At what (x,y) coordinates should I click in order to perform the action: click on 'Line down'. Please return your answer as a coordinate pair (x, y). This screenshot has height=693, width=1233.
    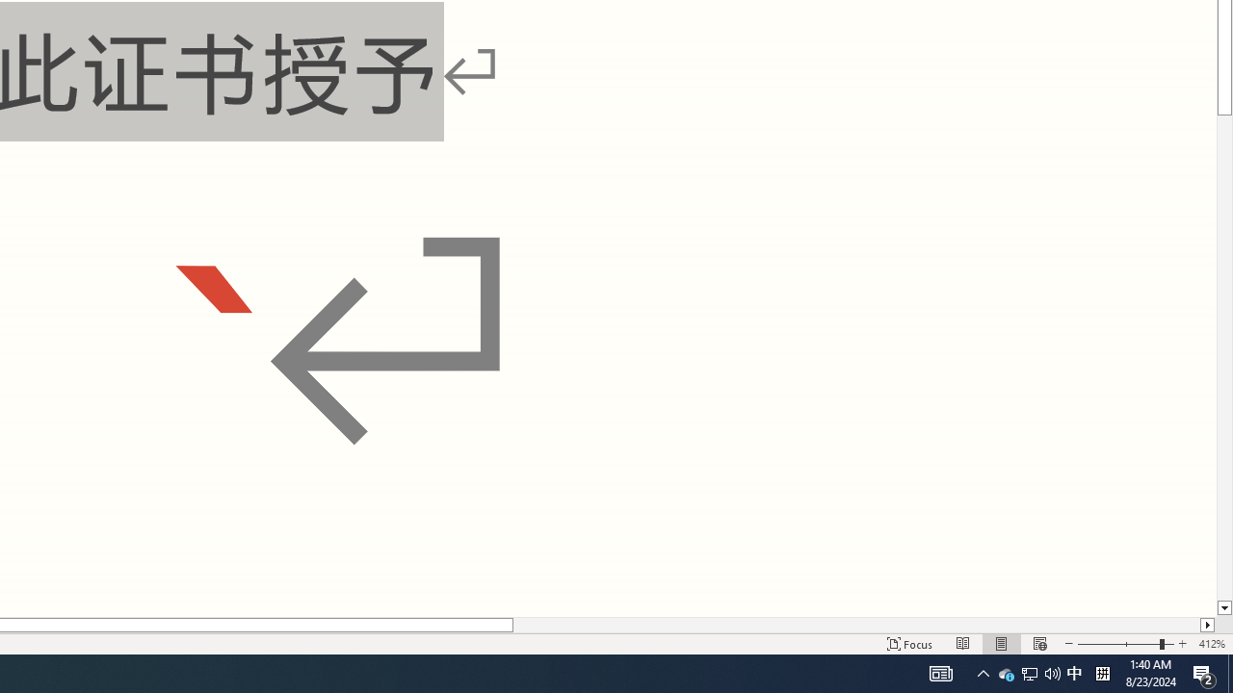
    Looking at the image, I should click on (1223, 608).